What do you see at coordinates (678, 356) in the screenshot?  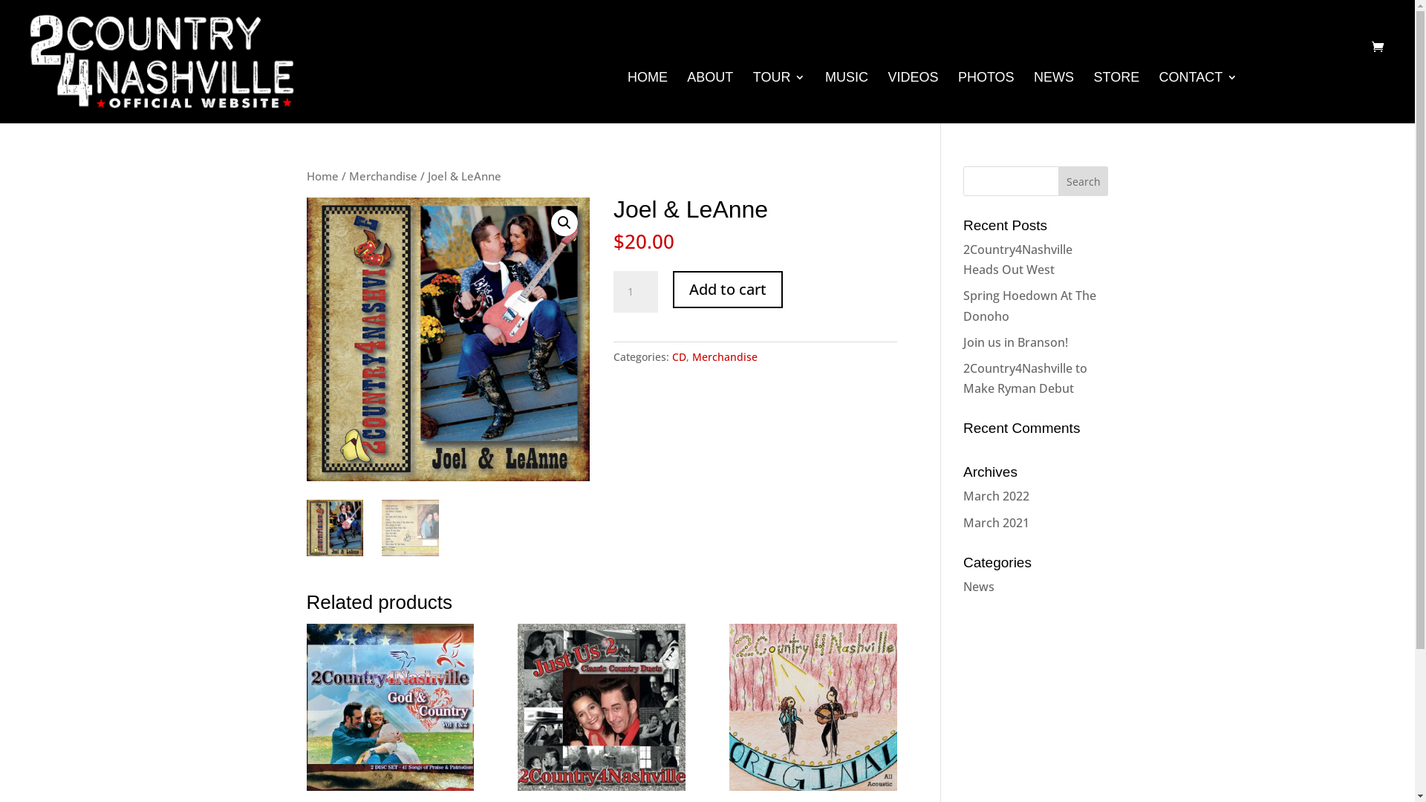 I see `'CD'` at bounding box center [678, 356].